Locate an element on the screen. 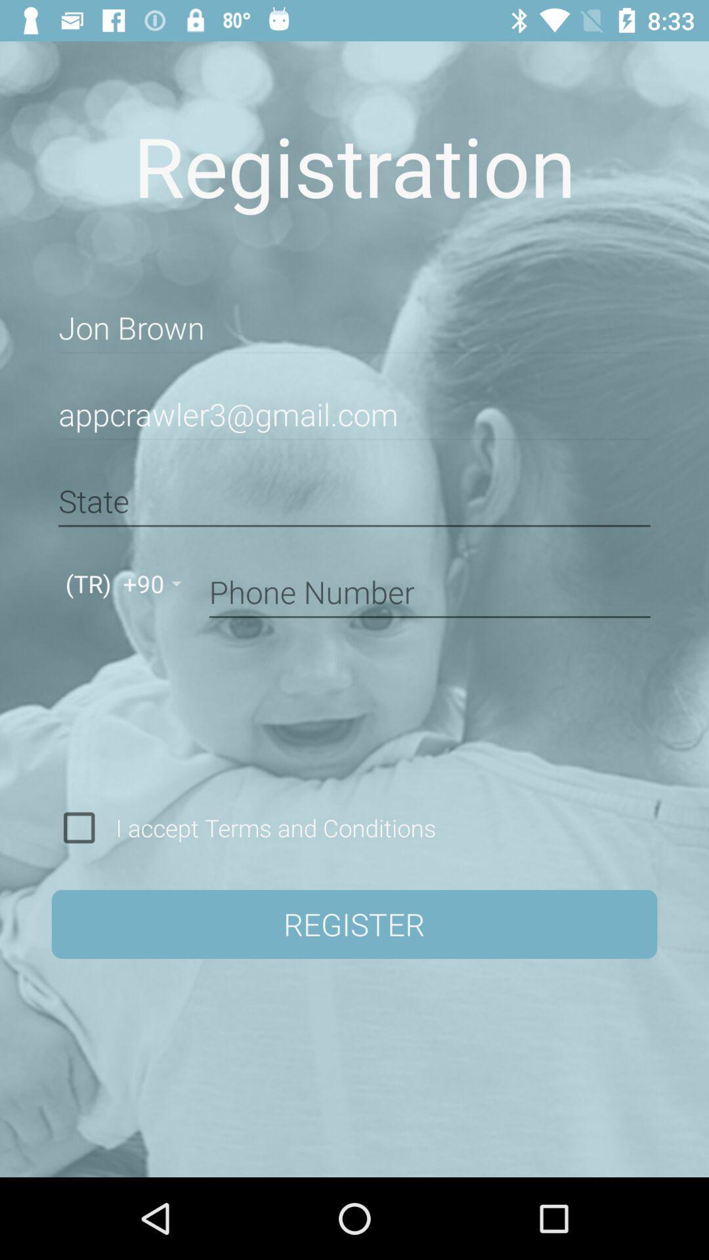  icon next to the i accept terms item is located at coordinates (79, 827).